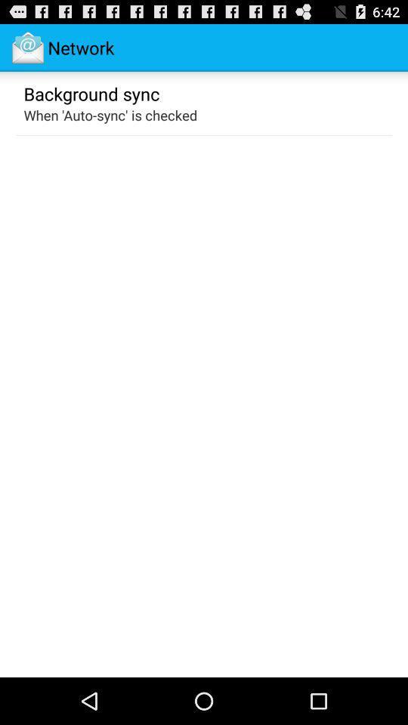  What do you see at coordinates (91, 92) in the screenshot?
I see `the item above when auto sync` at bounding box center [91, 92].